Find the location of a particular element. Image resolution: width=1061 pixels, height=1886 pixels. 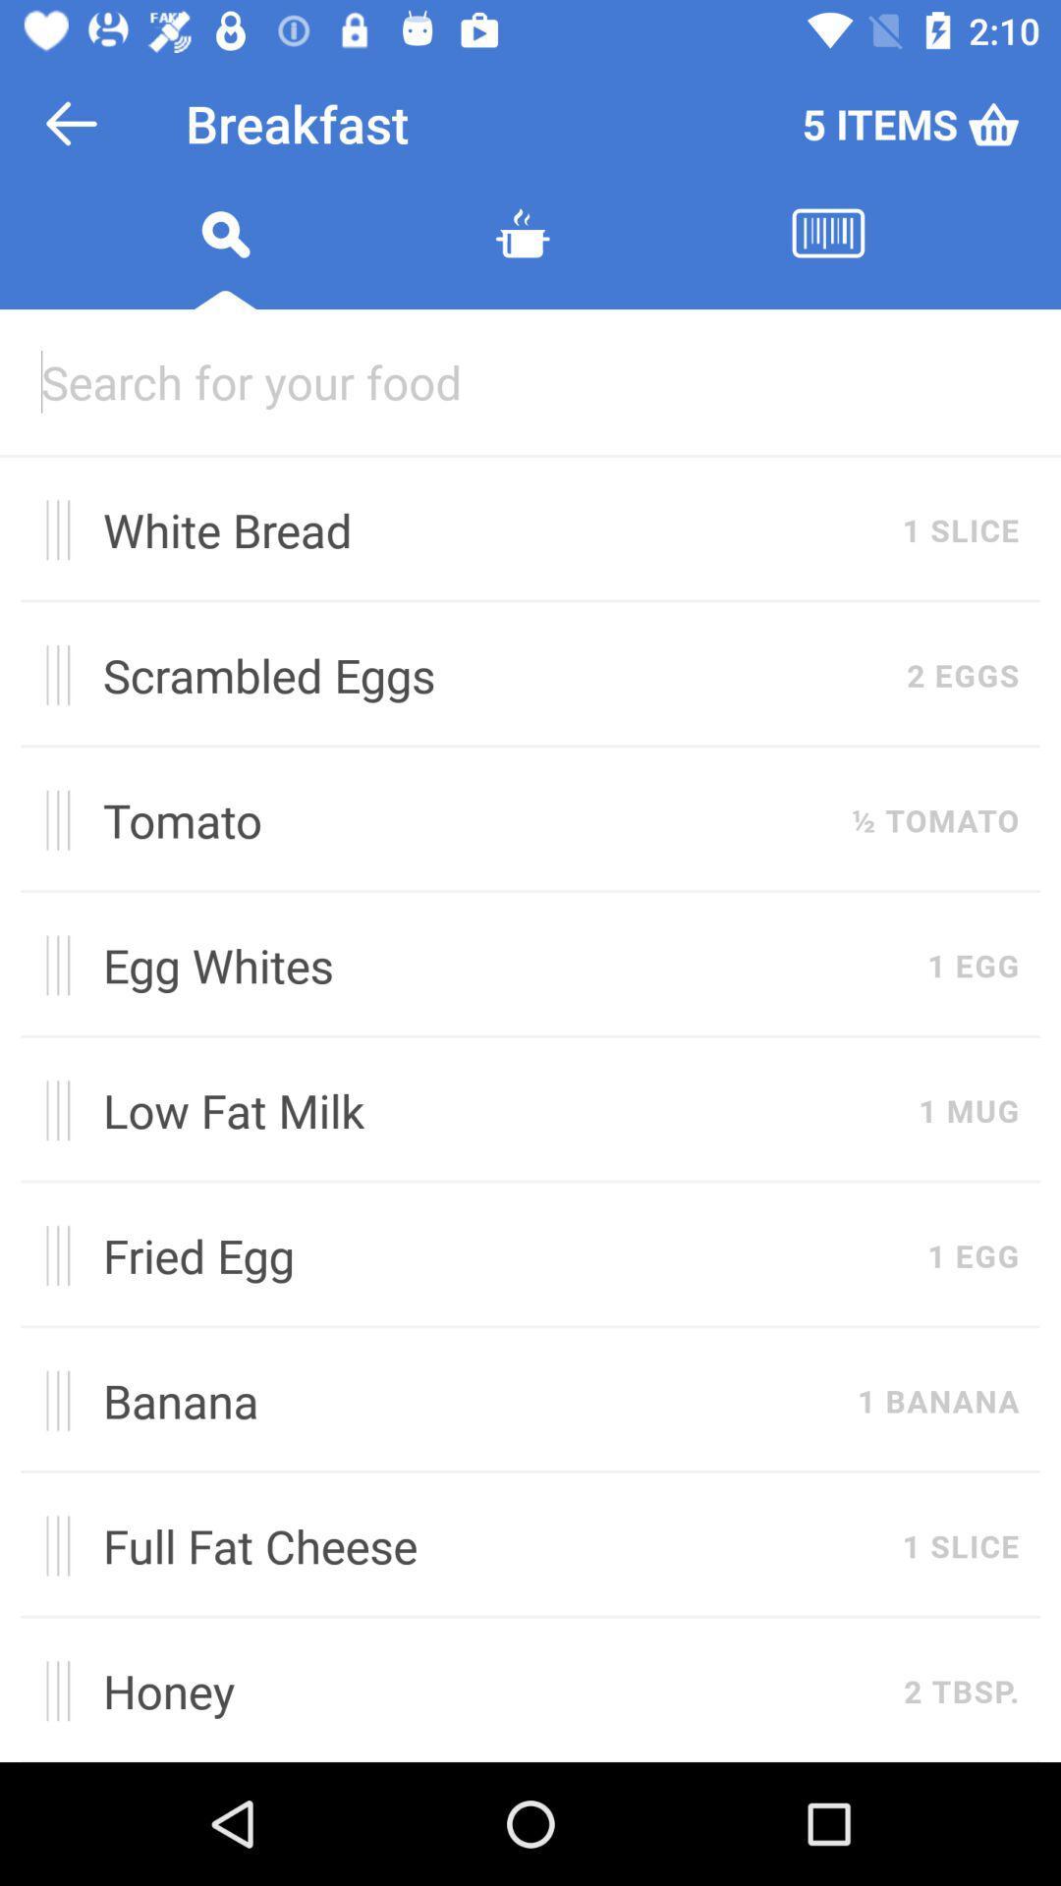

the icon to the right of the breakfast item is located at coordinates (911, 122).